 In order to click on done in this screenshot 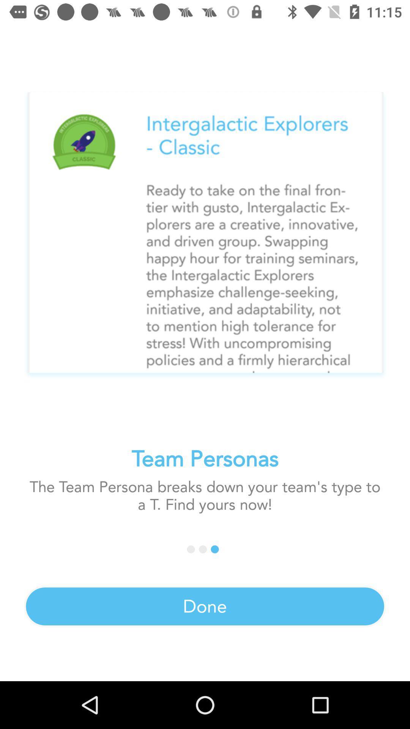, I will do `click(205, 606)`.